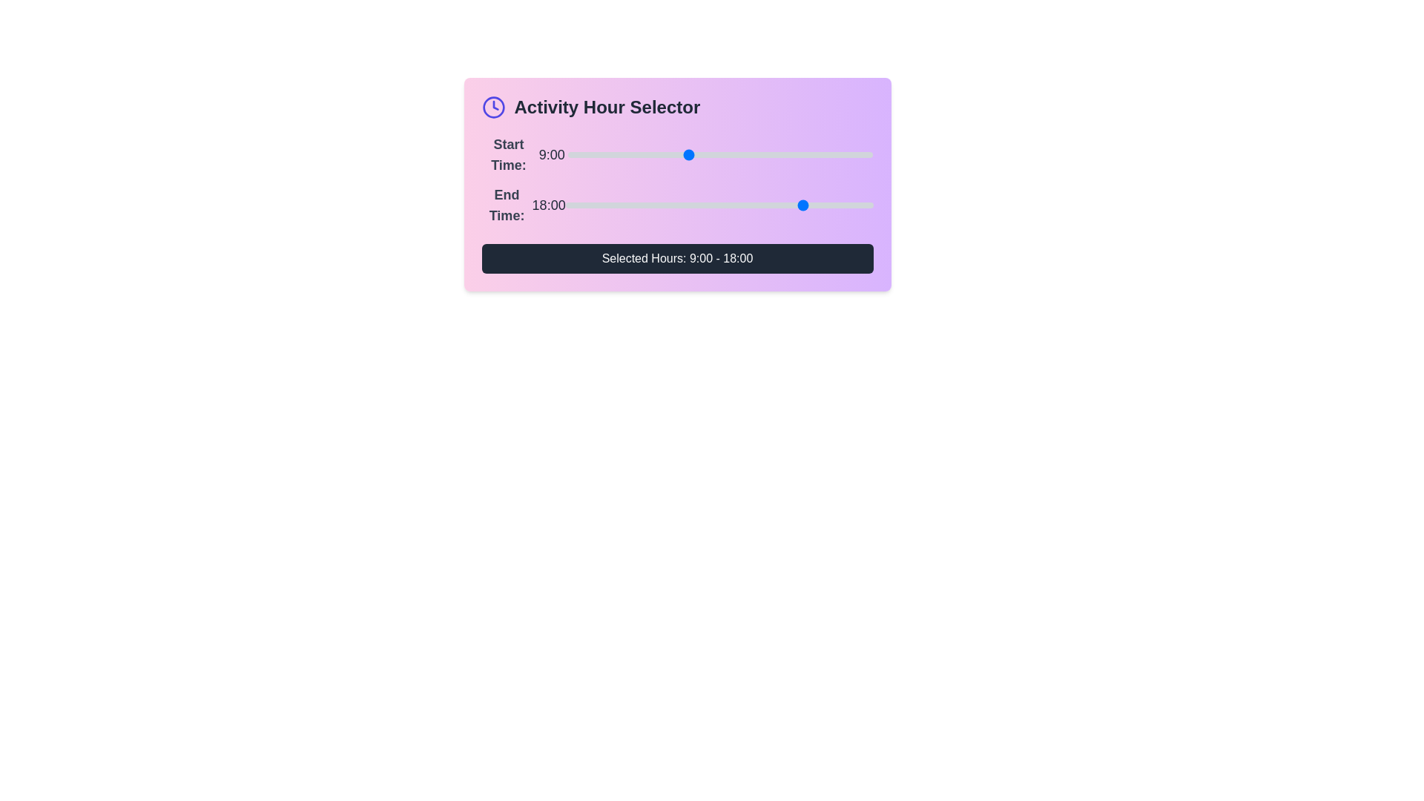 The height and width of the screenshot is (801, 1424). What do you see at coordinates (740, 154) in the screenshot?
I see `the start time slider to set the hour to 13` at bounding box center [740, 154].